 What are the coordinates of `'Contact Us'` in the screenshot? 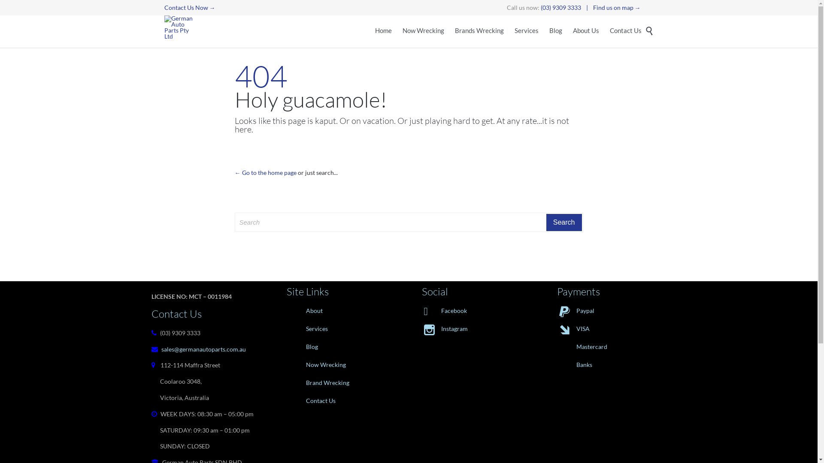 It's located at (625, 31).